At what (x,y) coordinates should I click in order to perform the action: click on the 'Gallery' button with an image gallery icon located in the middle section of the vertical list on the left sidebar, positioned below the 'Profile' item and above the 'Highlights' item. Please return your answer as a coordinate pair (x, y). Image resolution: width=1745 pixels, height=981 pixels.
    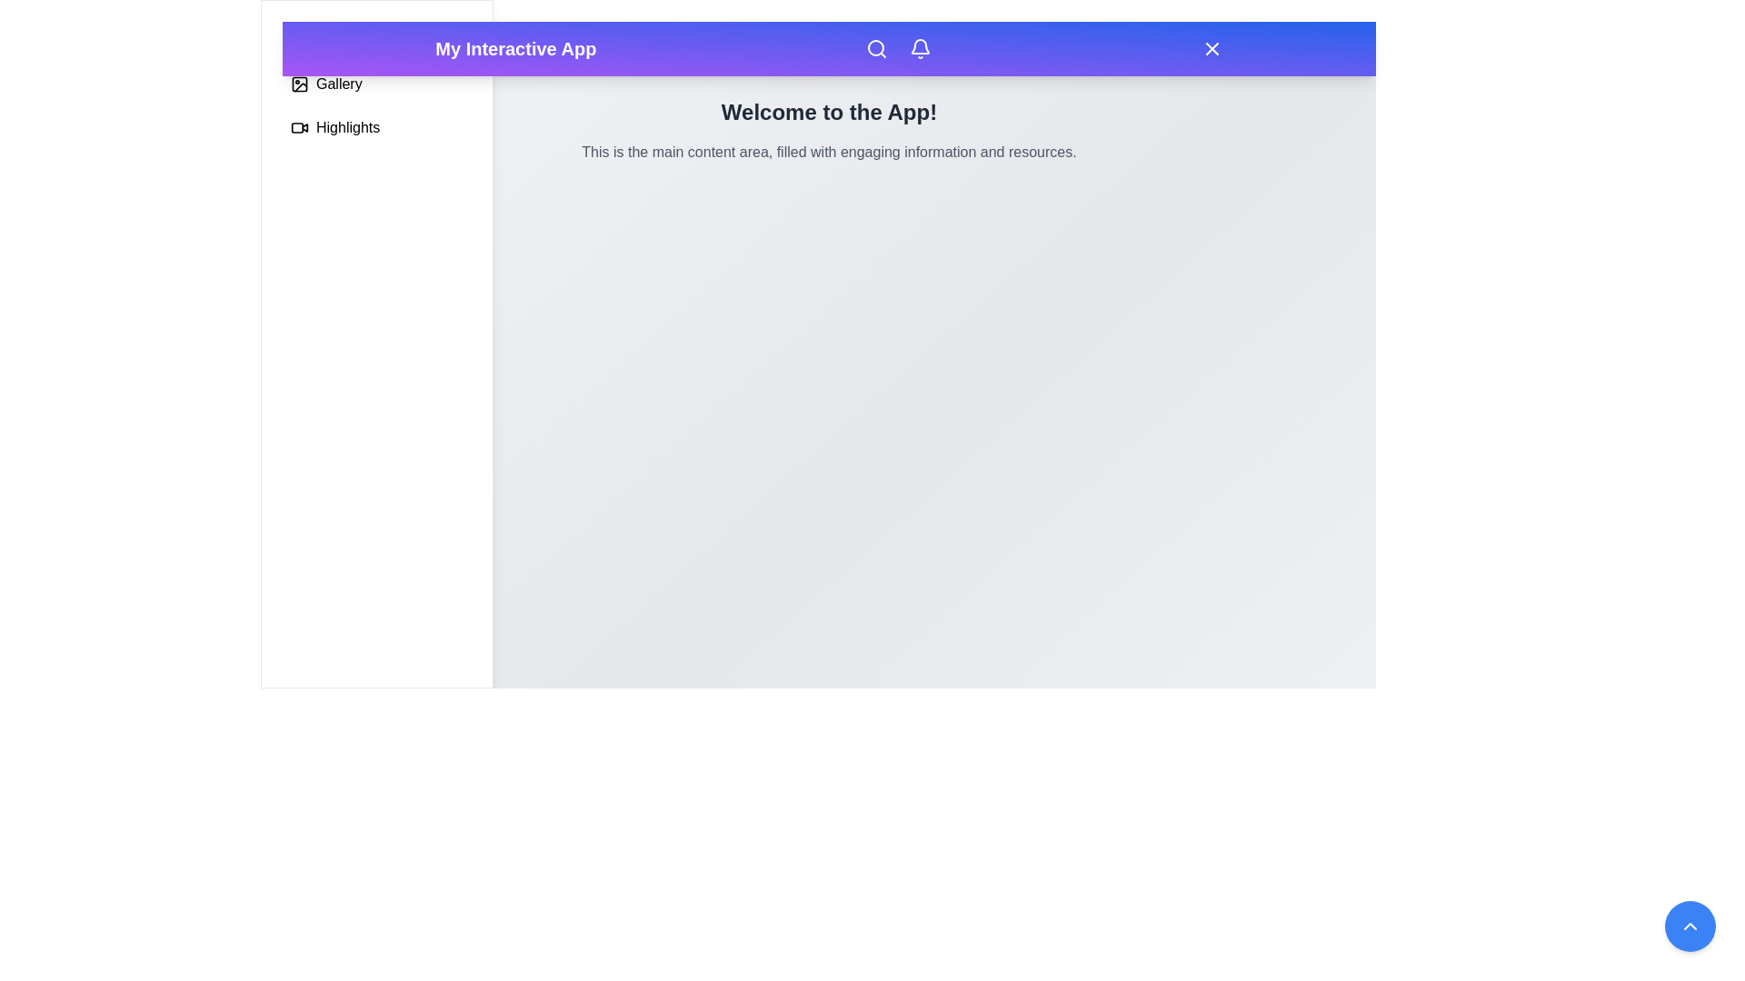
    Looking at the image, I should click on (375, 84).